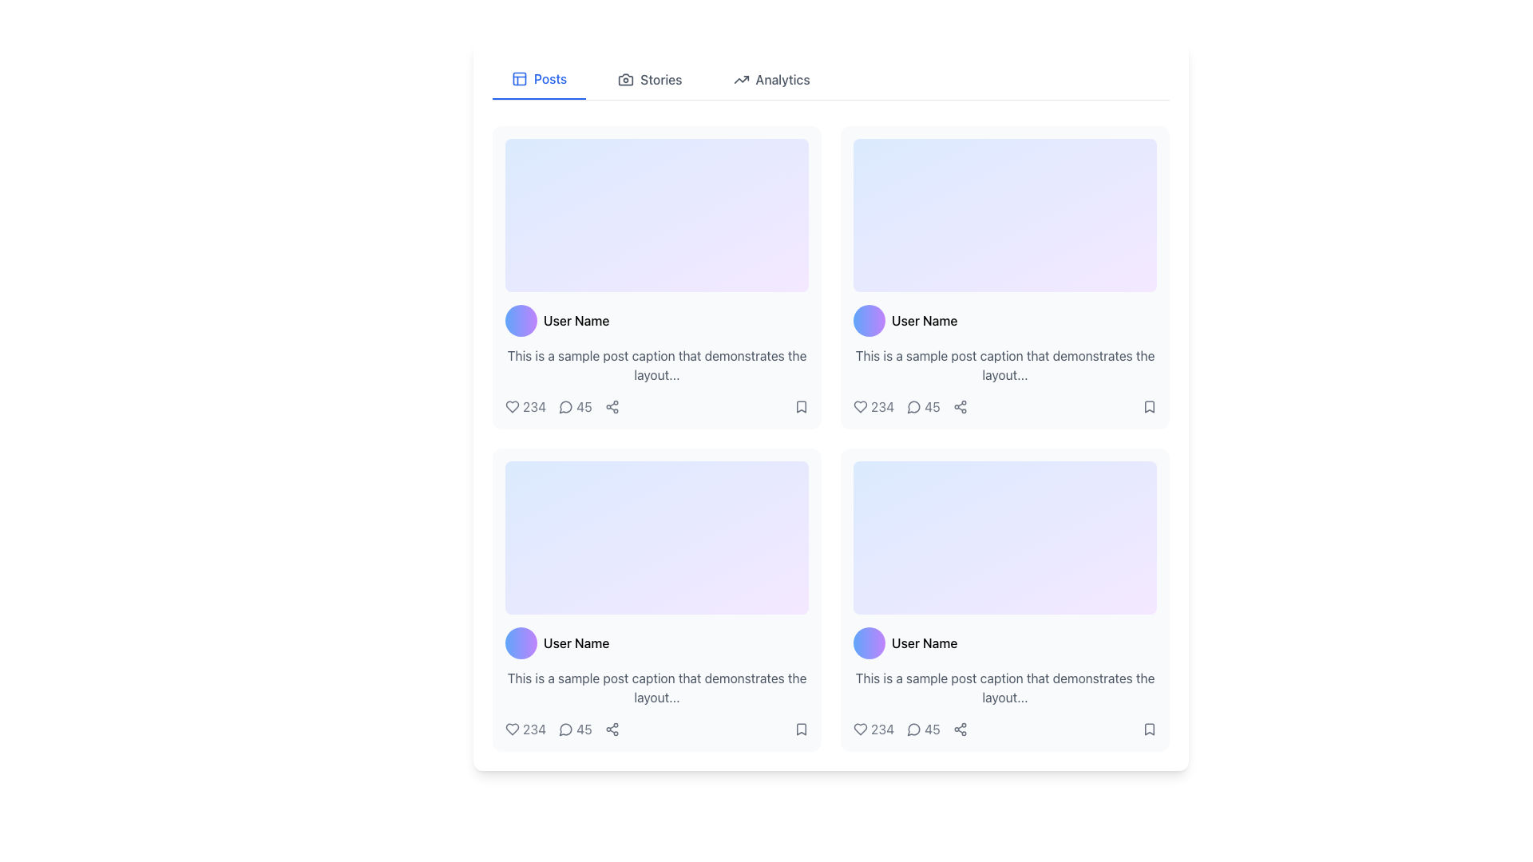 This screenshot has width=1533, height=862. What do you see at coordinates (565, 406) in the screenshot?
I see `the speech bubble icon, which is an SVG graphic with rounded edges and a pointed tail, located in the bottom section of a post card interface, positioned between a heart icon and a comment count label` at bounding box center [565, 406].